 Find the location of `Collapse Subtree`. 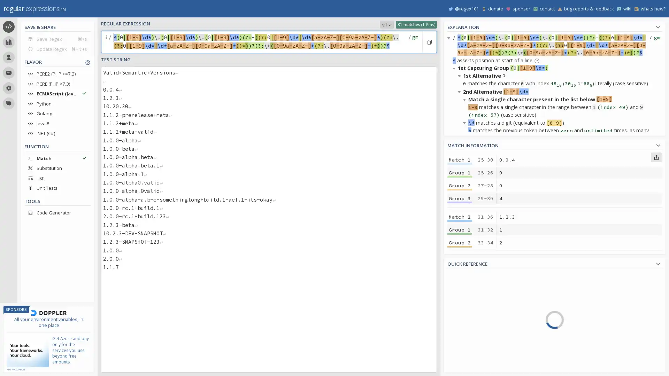

Collapse Subtree is located at coordinates (460, 91).